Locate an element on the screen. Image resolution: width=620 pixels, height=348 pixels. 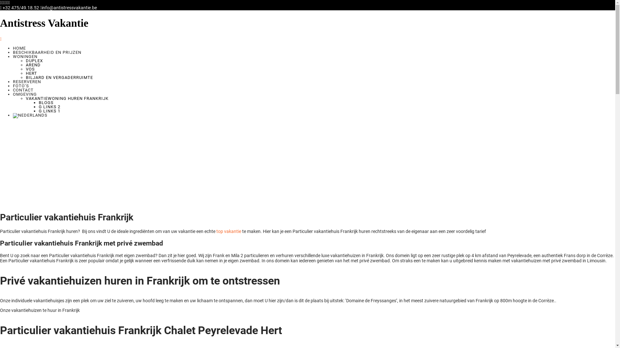
'Antistress Vakantie' is located at coordinates (0, 23).